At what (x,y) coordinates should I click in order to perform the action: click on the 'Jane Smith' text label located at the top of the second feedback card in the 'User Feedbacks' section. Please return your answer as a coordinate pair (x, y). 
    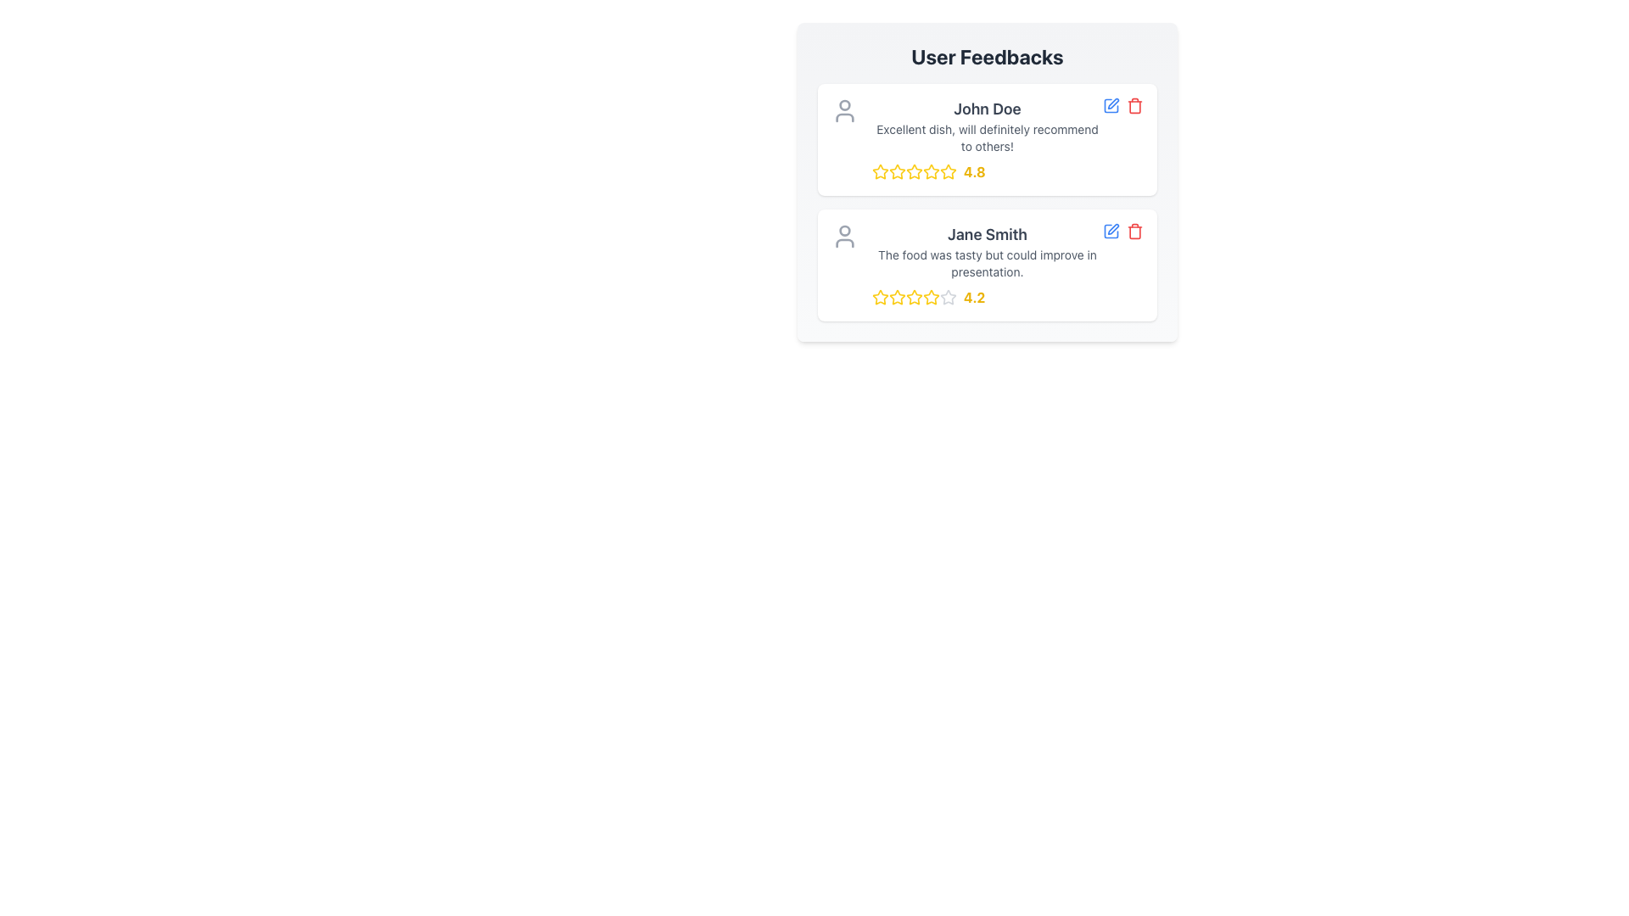
    Looking at the image, I should click on (987, 235).